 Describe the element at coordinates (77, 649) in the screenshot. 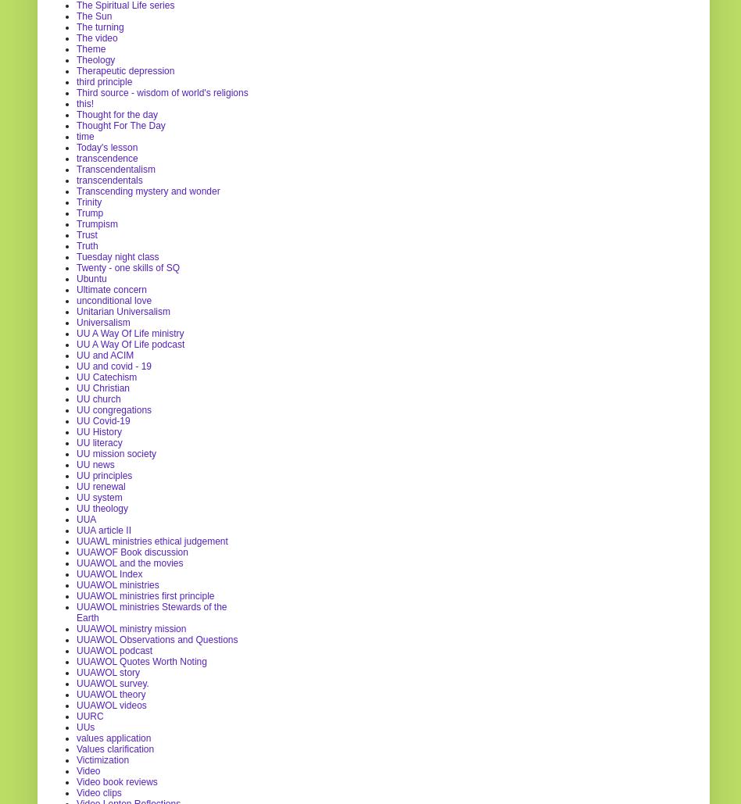

I see `'UUAWOL podcast'` at that location.